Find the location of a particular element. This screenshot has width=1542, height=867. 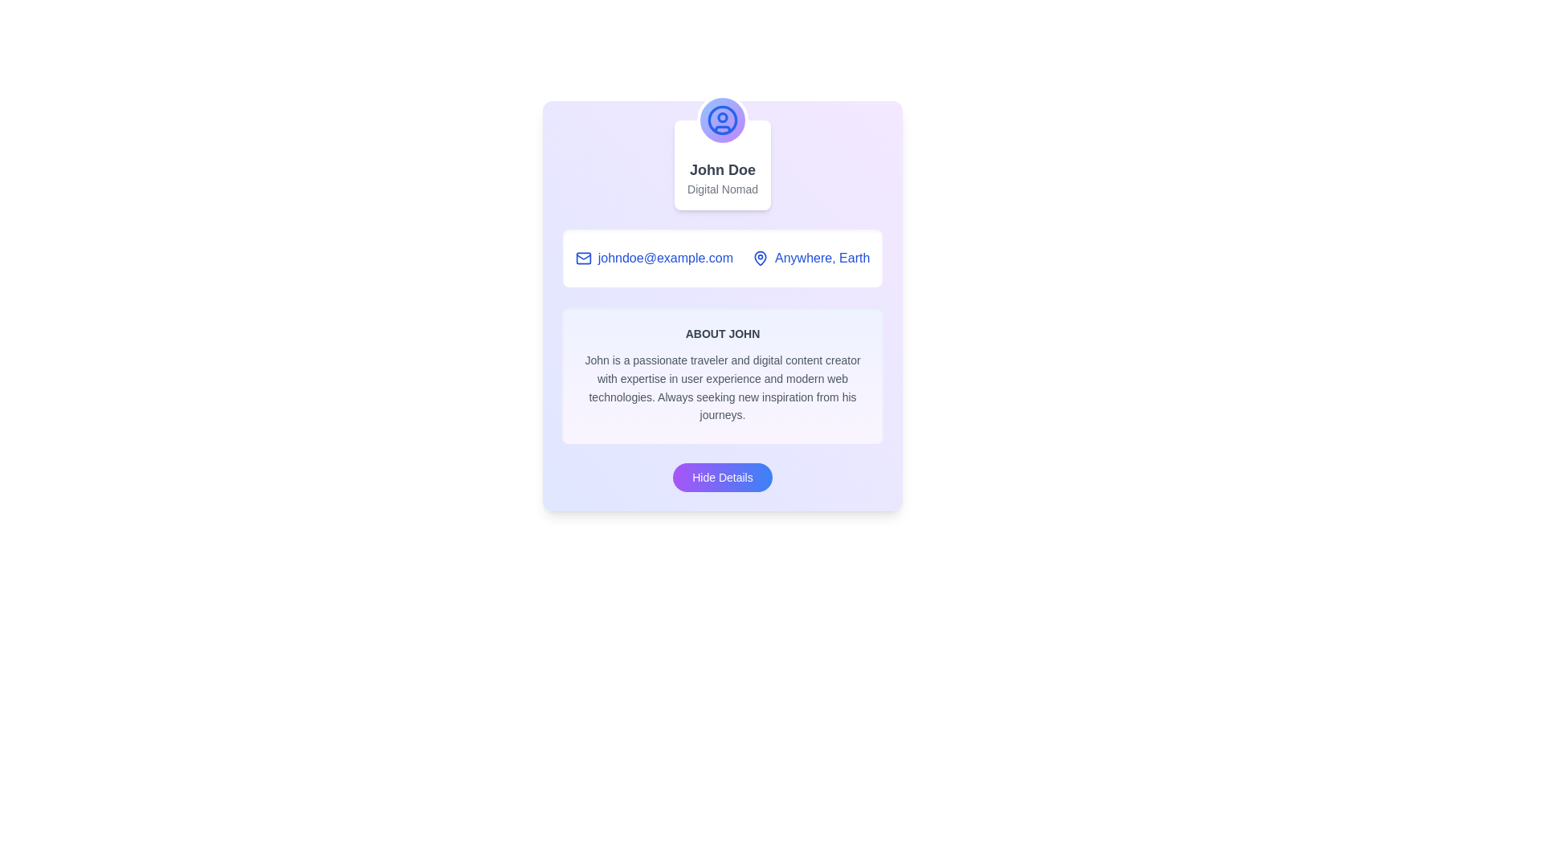

descriptive text block providing information about John, which is located below the 'About John' header and above the 'Hide Details' button is located at coordinates (722, 388).